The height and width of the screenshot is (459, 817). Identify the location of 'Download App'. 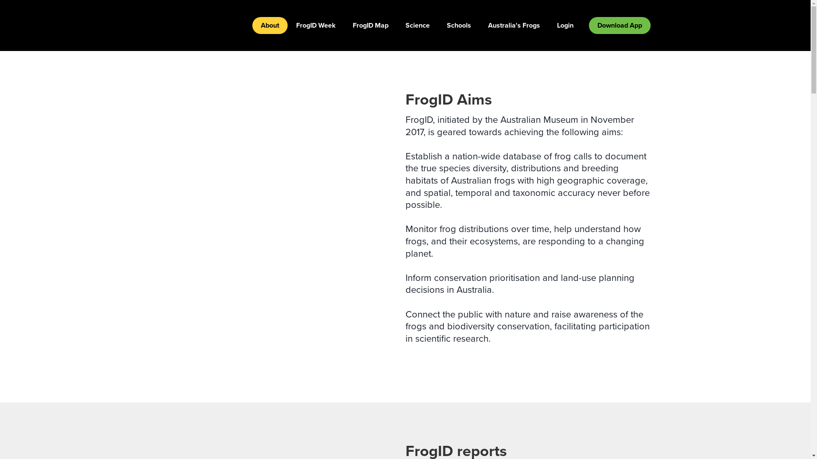
(620, 25).